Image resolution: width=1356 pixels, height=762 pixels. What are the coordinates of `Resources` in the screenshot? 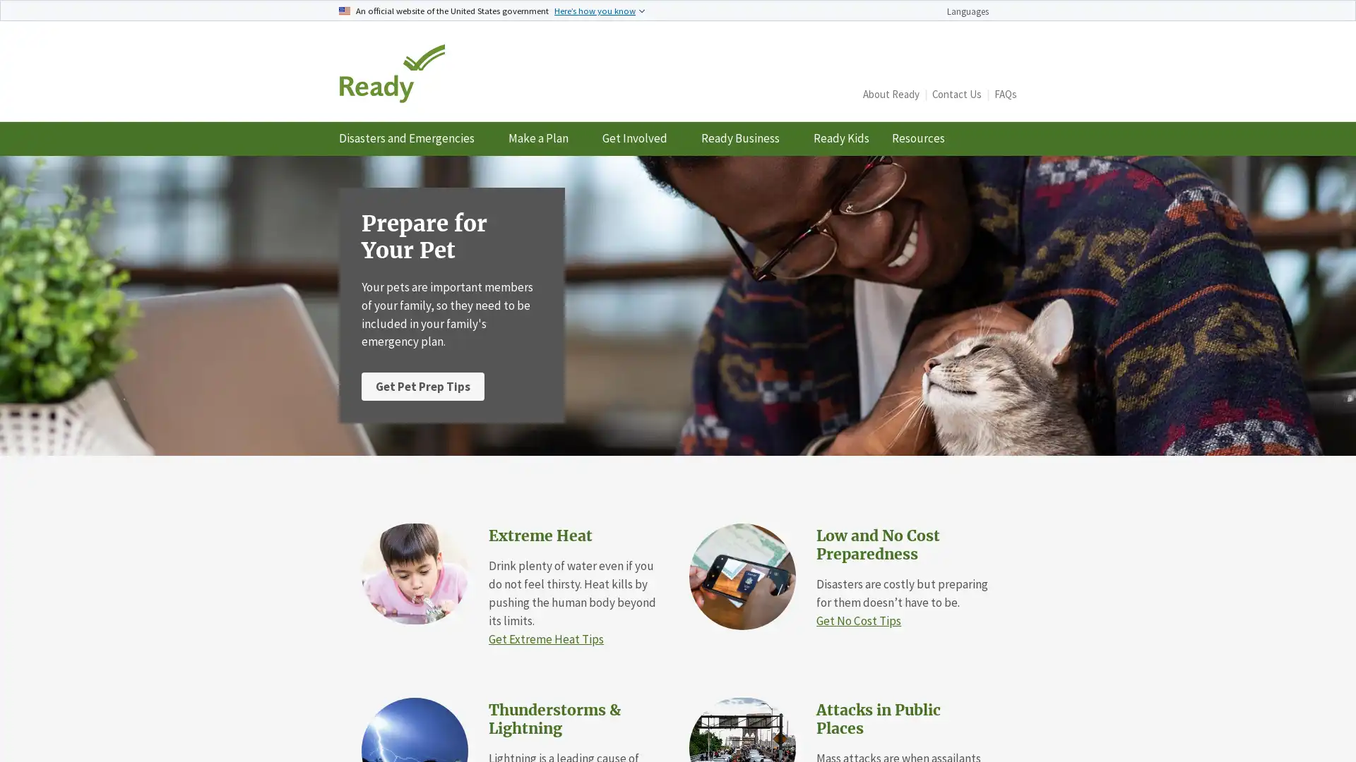 It's located at (924, 138).